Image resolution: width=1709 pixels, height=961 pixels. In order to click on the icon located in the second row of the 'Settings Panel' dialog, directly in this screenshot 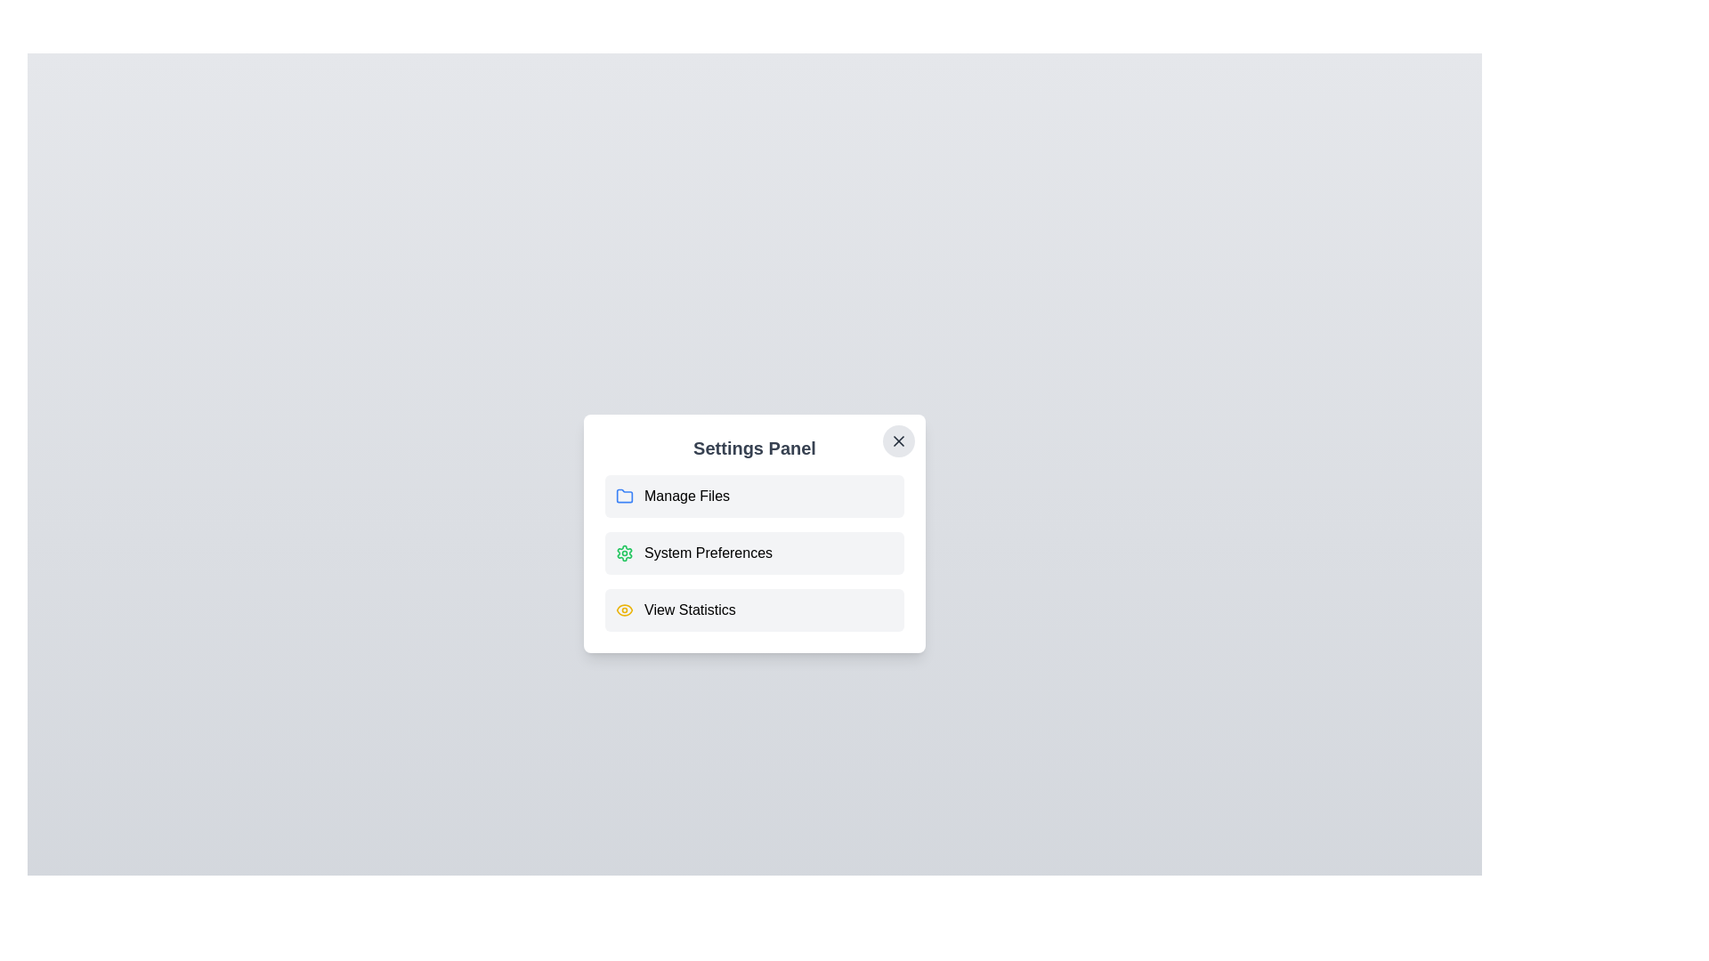, I will do `click(624, 552)`.